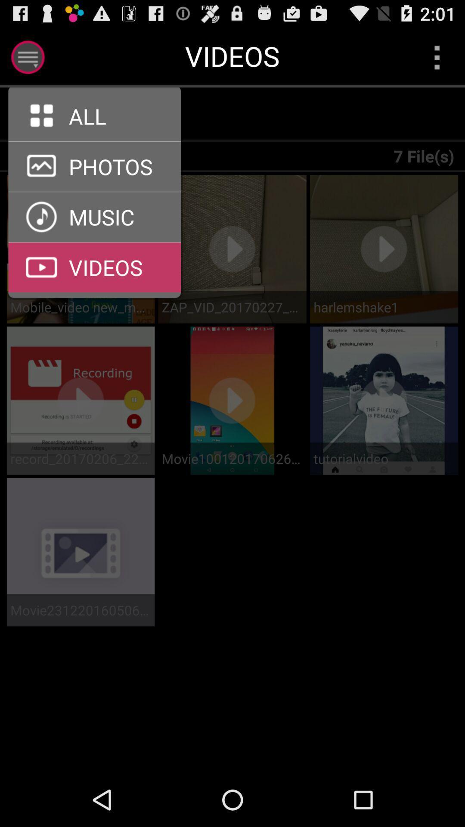 The width and height of the screenshot is (465, 827). What do you see at coordinates (99, 114) in the screenshot?
I see `the icon to the left of the 7 file(s)` at bounding box center [99, 114].